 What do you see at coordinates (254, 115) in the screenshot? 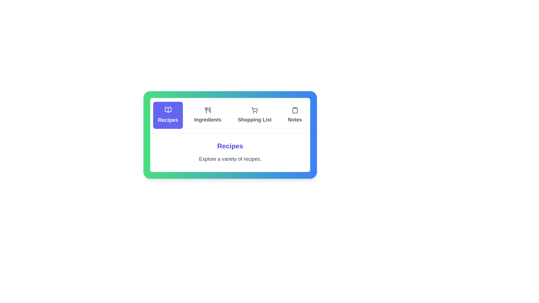
I see `the Shopping List tab by clicking on it` at bounding box center [254, 115].